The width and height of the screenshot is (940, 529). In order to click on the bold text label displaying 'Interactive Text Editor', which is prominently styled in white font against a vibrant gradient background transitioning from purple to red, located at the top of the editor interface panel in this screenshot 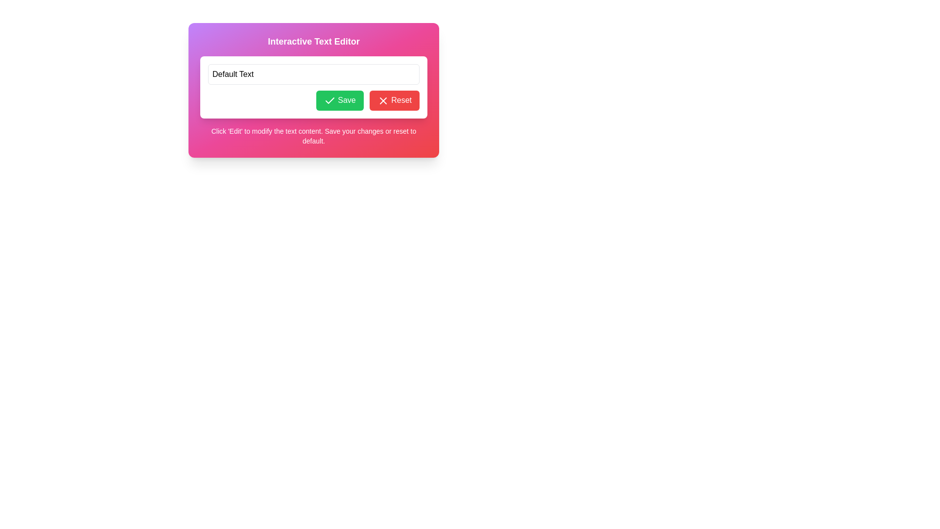, I will do `click(314, 41)`.